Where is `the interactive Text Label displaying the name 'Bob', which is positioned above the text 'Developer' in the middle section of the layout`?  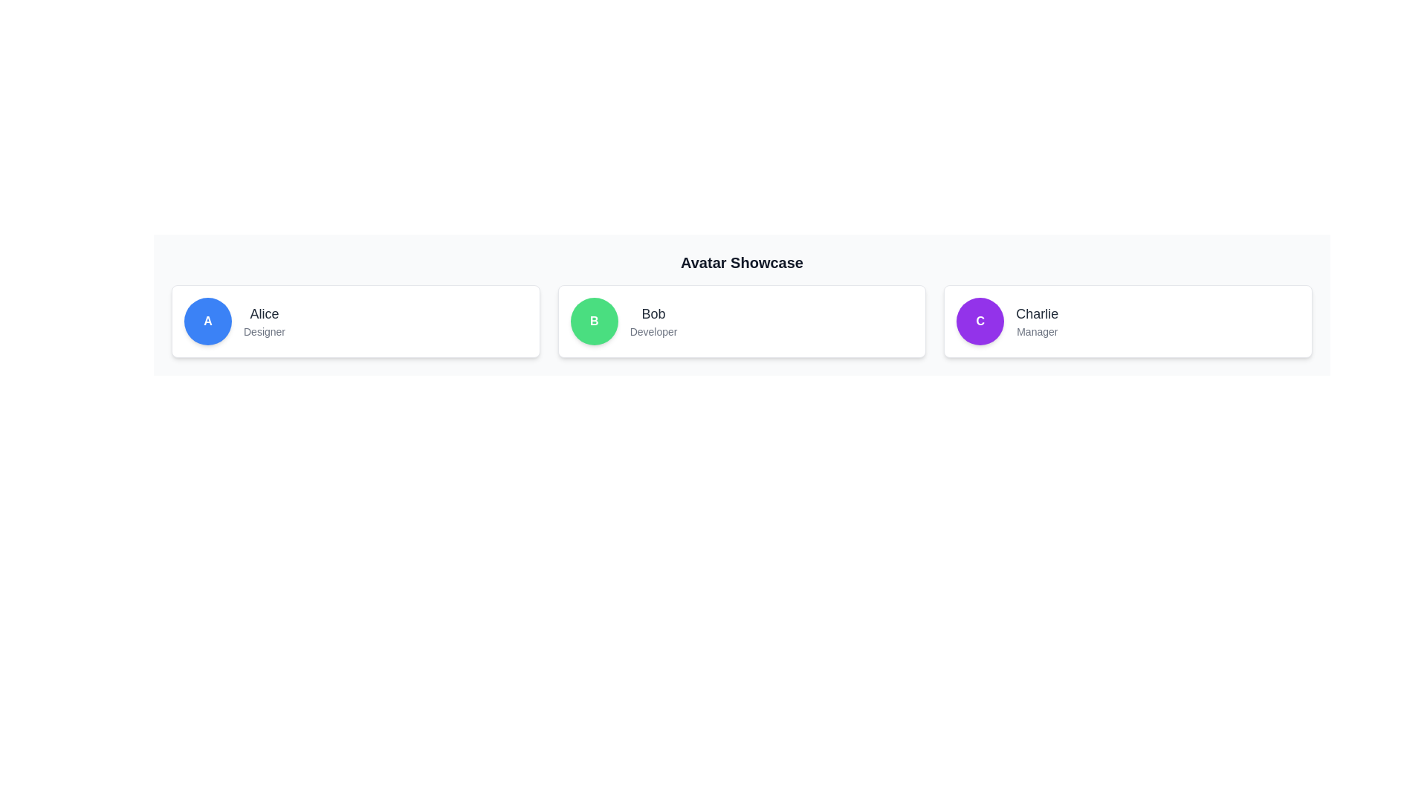 the interactive Text Label displaying the name 'Bob', which is positioned above the text 'Developer' in the middle section of the layout is located at coordinates (653, 313).